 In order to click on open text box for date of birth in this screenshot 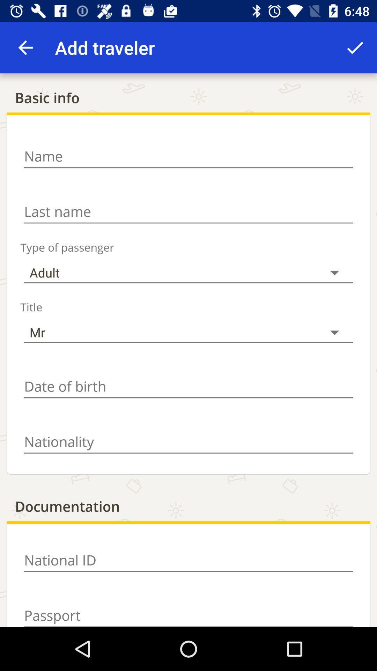, I will do `click(188, 386)`.